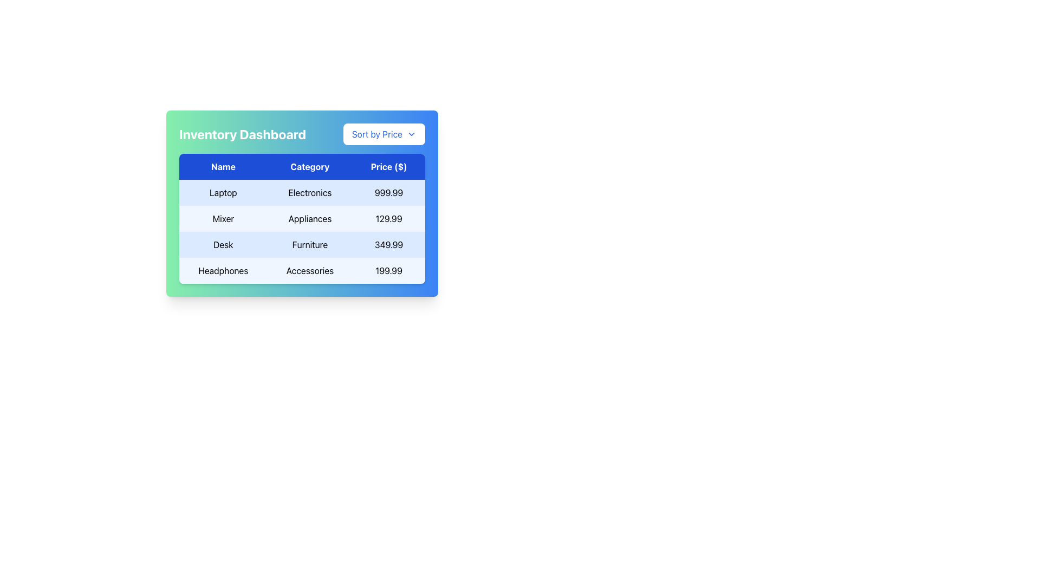 This screenshot has height=585, width=1040. What do you see at coordinates (223, 167) in the screenshot?
I see `the 'Name' text label in the table header, which is the first column header identifying its content` at bounding box center [223, 167].